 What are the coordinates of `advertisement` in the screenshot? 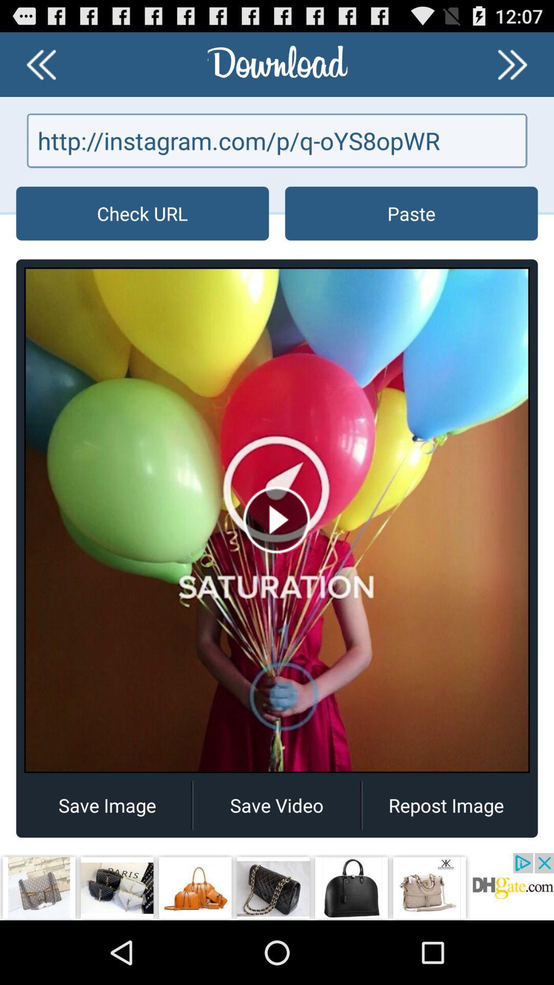 It's located at (277, 886).